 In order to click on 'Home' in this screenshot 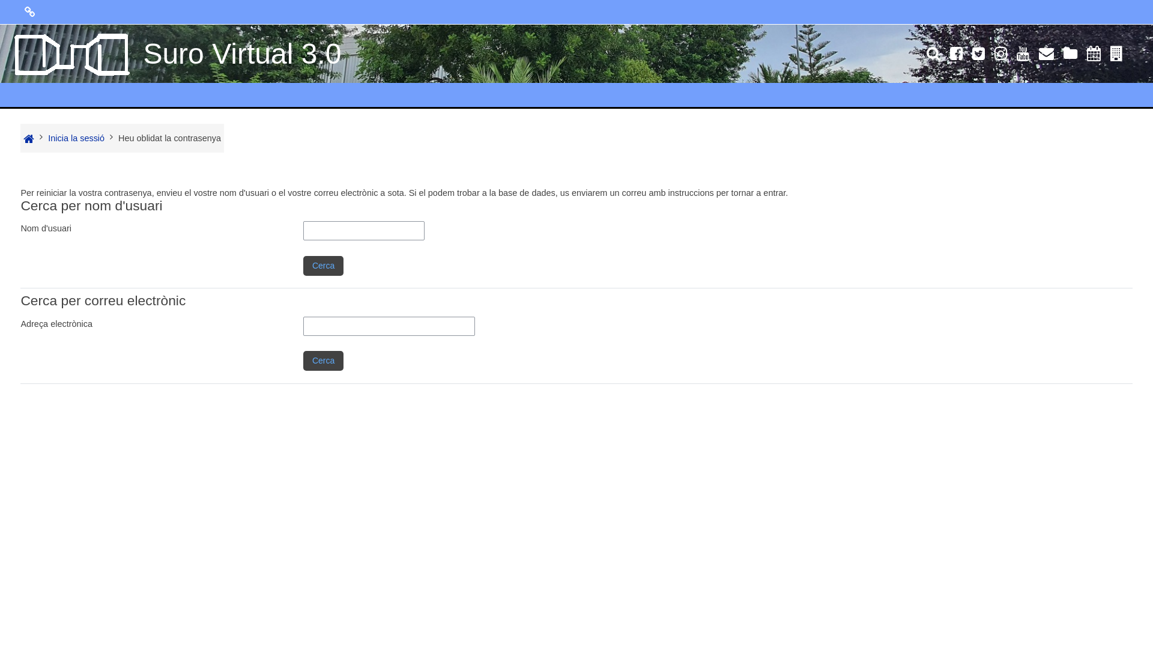, I will do `click(29, 138)`.